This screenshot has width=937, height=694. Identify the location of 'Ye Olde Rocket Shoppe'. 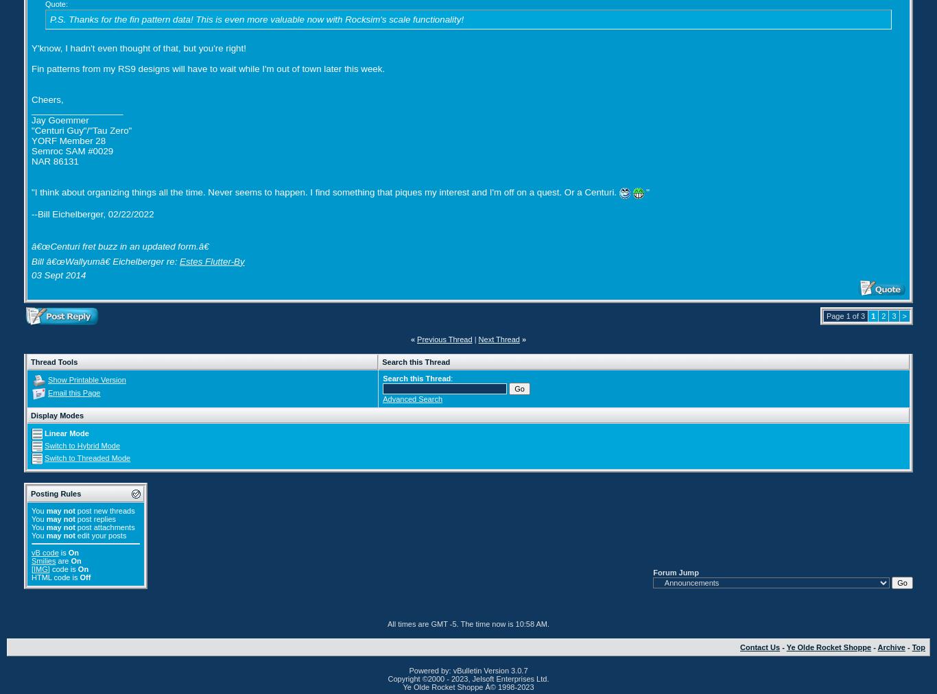
(828, 646).